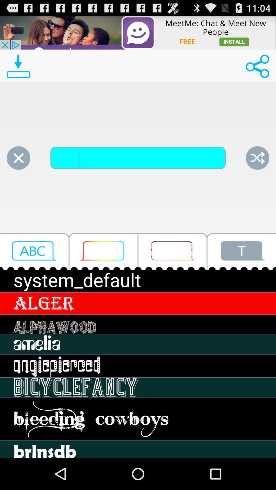 The width and height of the screenshot is (276, 490). Describe the element at coordinates (18, 158) in the screenshot. I see `cancel search` at that location.